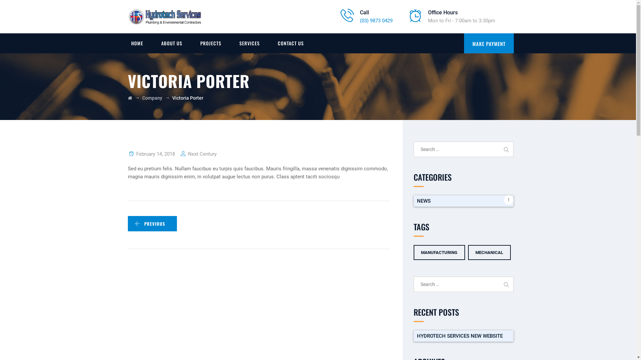  I want to click on 'Hydrotech Services', so click(128, 16).